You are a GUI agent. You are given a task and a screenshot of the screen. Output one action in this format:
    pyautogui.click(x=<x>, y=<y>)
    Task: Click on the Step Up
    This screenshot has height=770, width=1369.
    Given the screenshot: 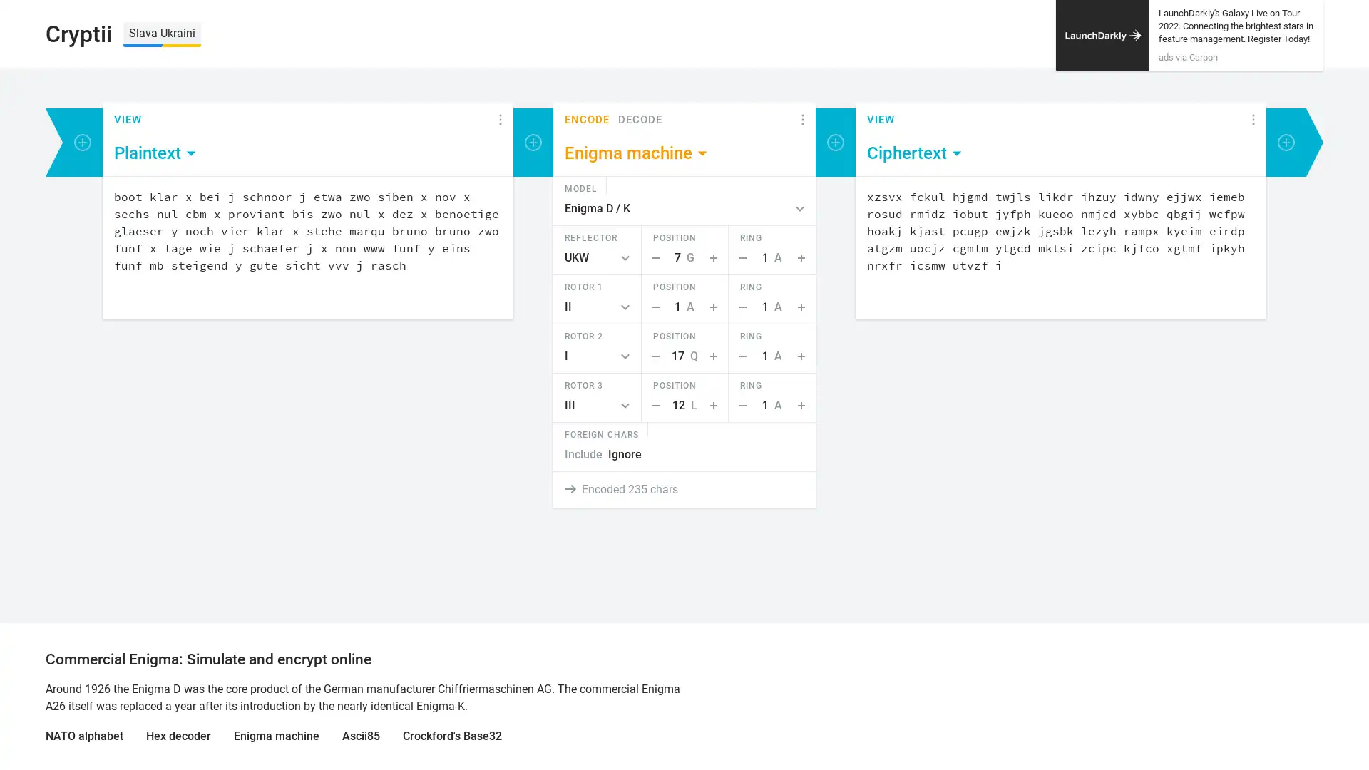 What is the action you would take?
    pyautogui.click(x=804, y=406)
    